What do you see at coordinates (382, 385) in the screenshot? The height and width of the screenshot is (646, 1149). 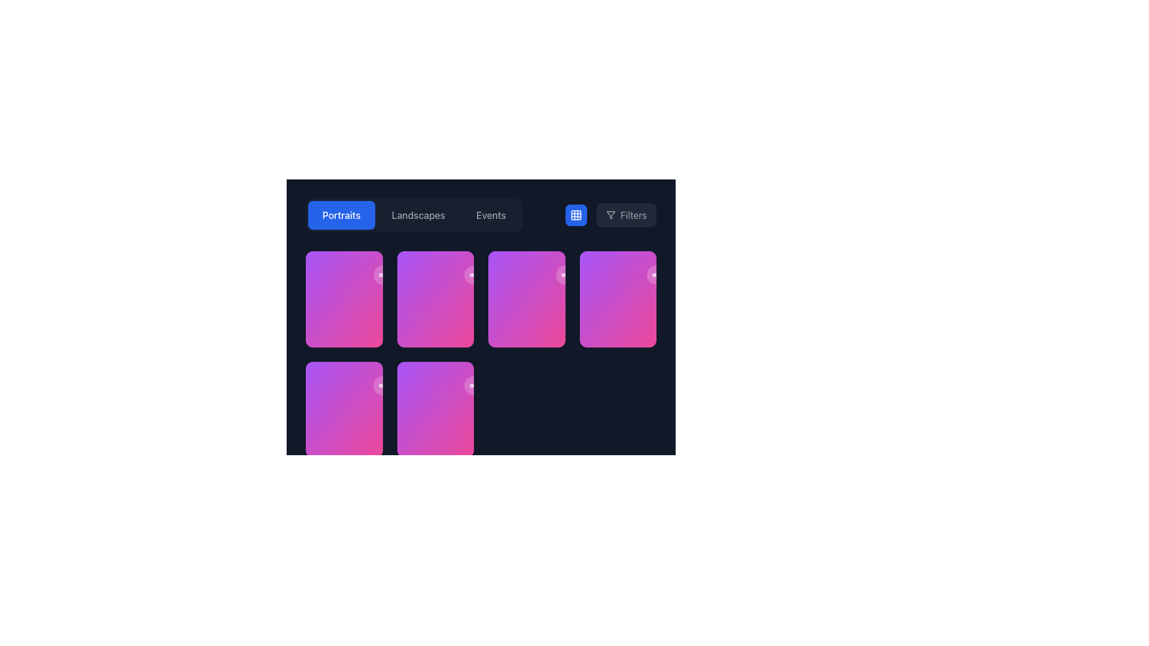 I see `the circular share button located in the lower-right corner of the bottom-left card in the grid` at bounding box center [382, 385].